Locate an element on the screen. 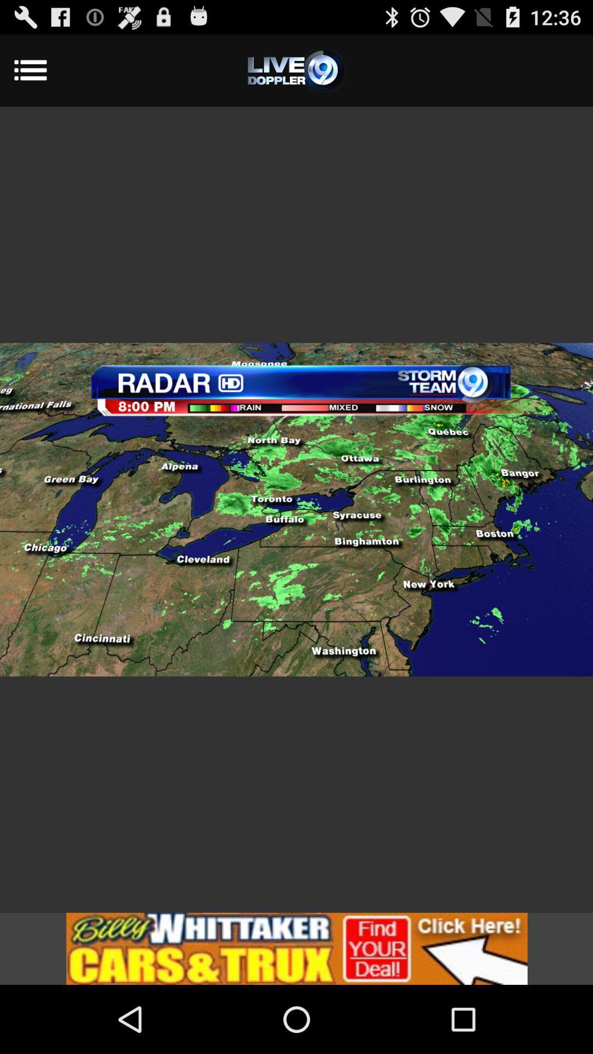 The height and width of the screenshot is (1054, 593). icon at the top left corner is located at coordinates (44, 70).